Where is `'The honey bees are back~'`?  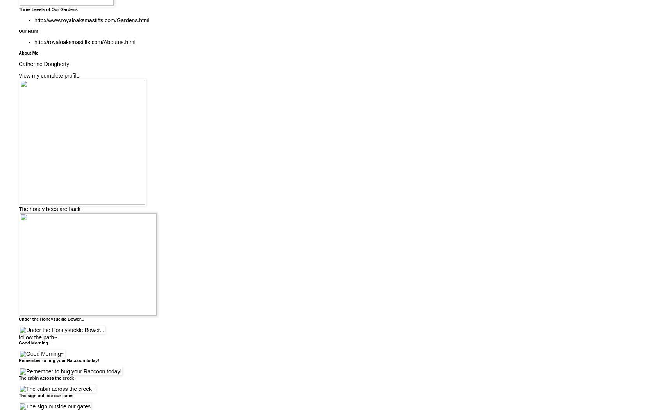
'The honey bees are back~' is located at coordinates (18, 208).